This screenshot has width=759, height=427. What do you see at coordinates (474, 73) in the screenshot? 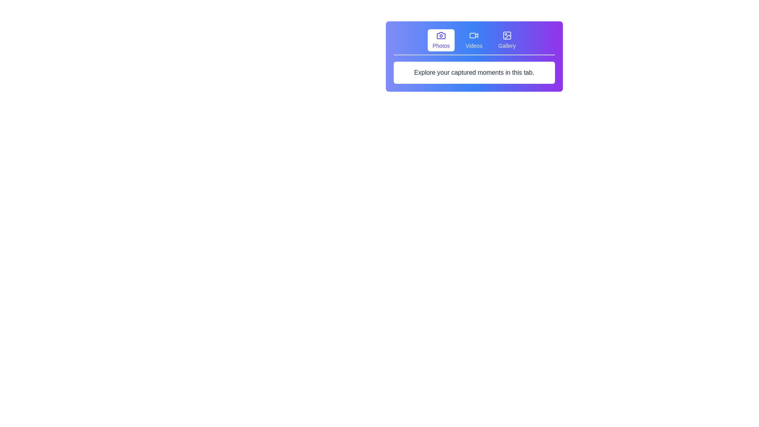
I see `text in the informational block located directly underneath the navigation options labeled 'Photos,' 'Videos,' and 'Gallery.'` at bounding box center [474, 73].